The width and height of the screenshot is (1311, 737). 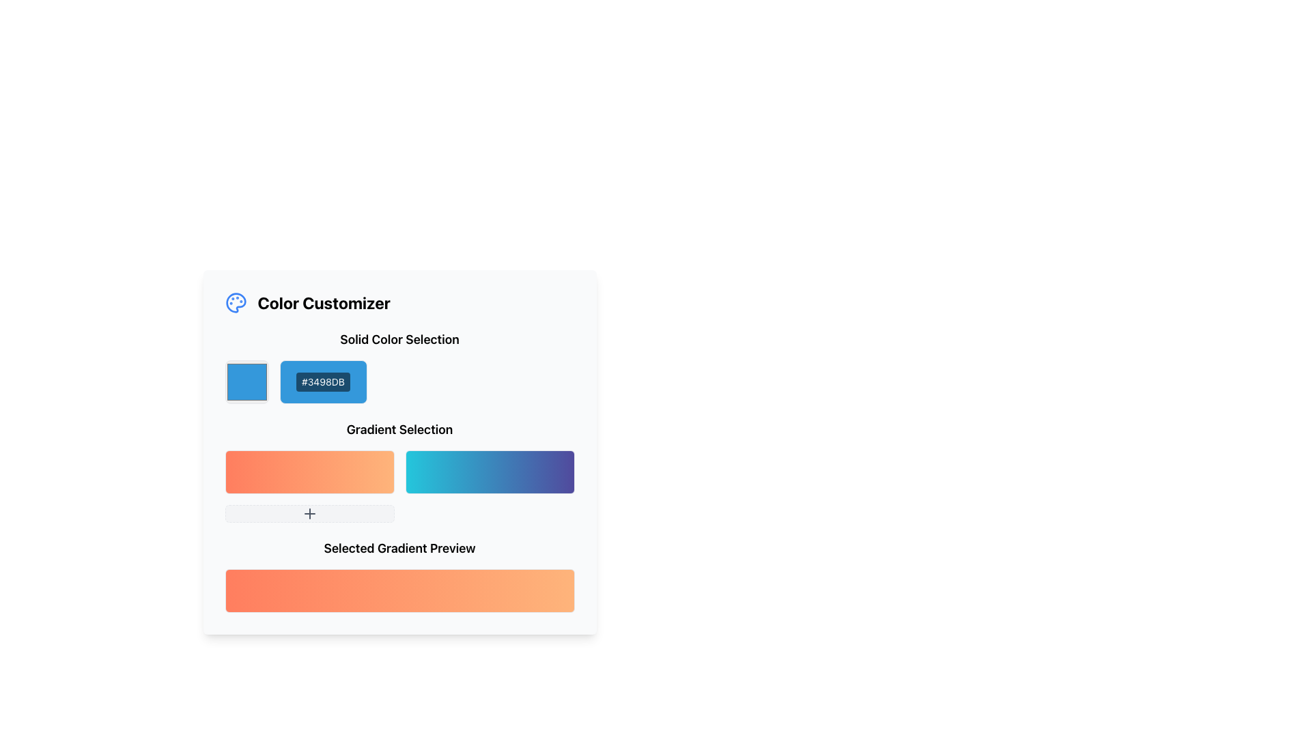 I want to click on the second gradient color configuration button located in the 'Gradient Selection' section, so click(x=490, y=471).